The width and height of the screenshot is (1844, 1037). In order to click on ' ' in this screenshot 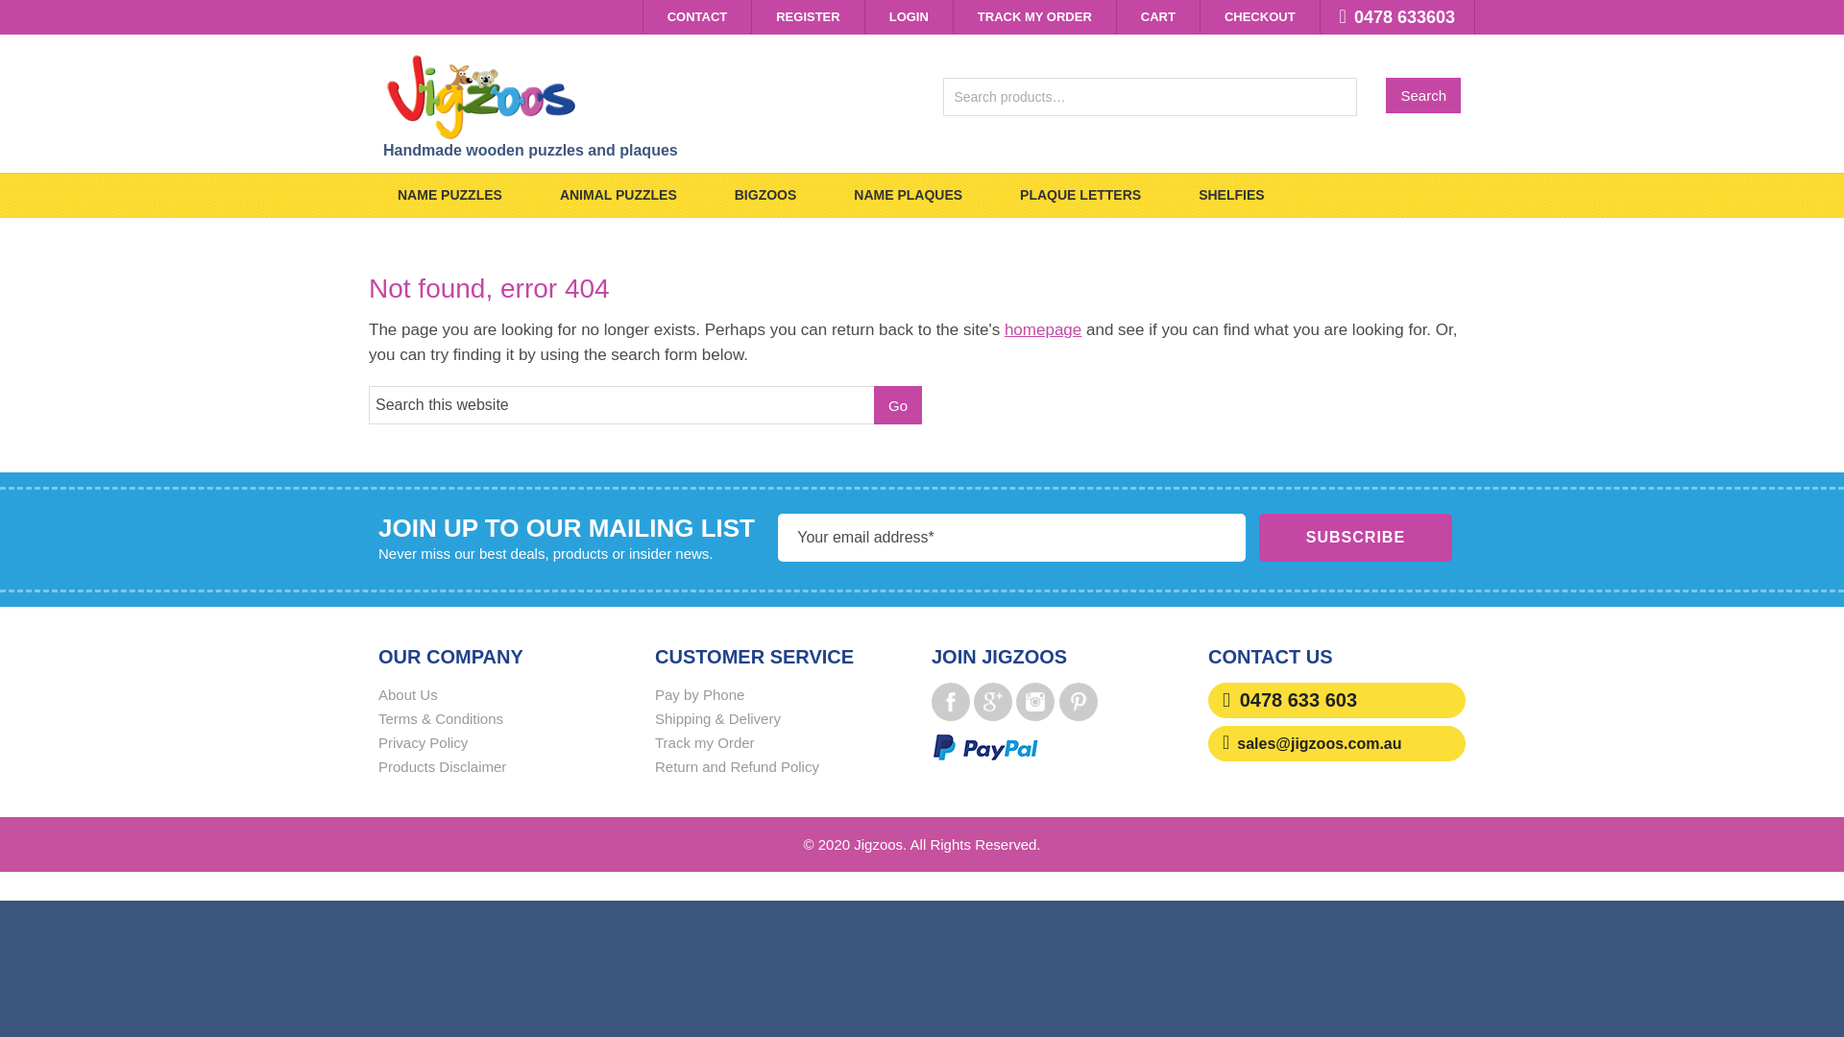, I will do `click(992, 702)`.